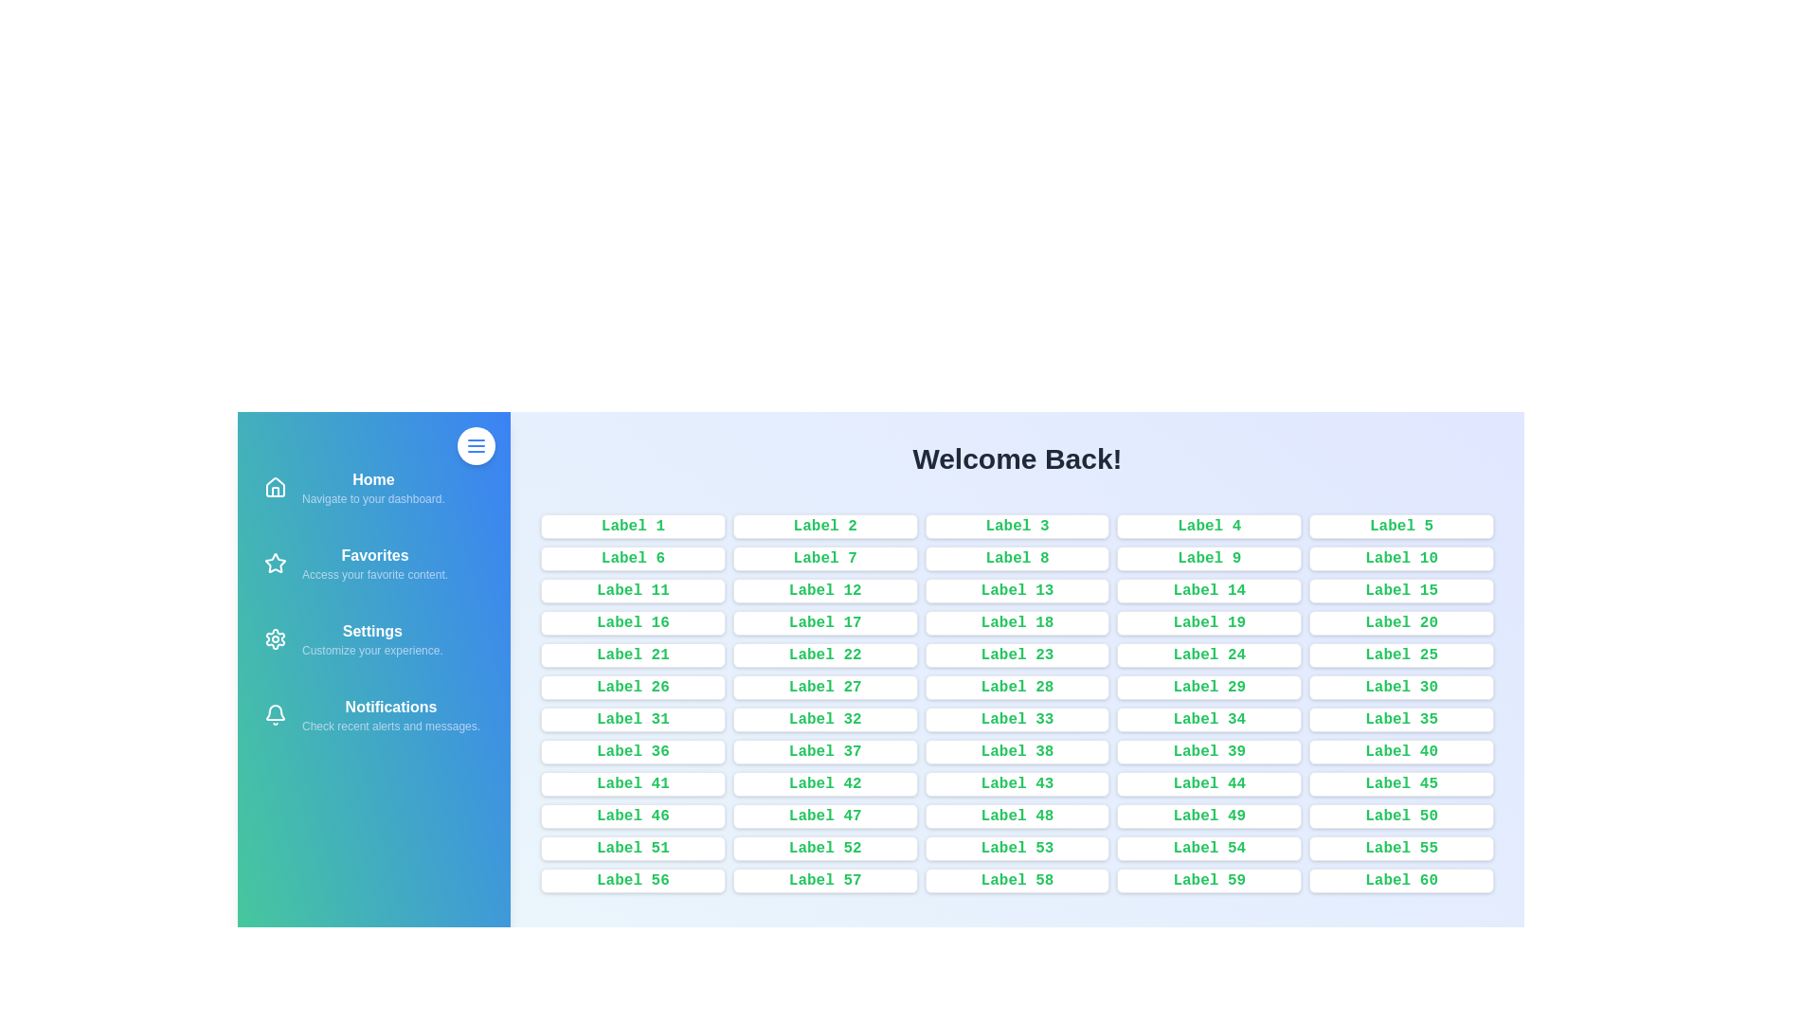  What do you see at coordinates (373, 487) in the screenshot?
I see `the navigation item Home` at bounding box center [373, 487].